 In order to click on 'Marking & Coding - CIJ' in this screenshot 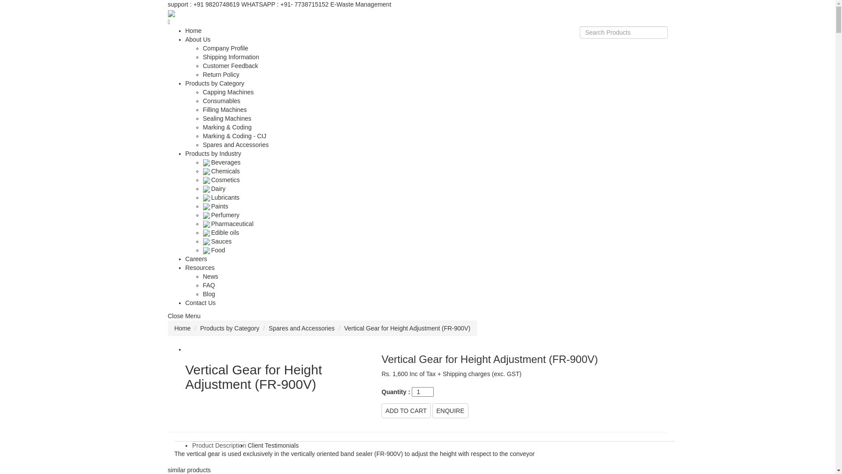, I will do `click(234, 136)`.